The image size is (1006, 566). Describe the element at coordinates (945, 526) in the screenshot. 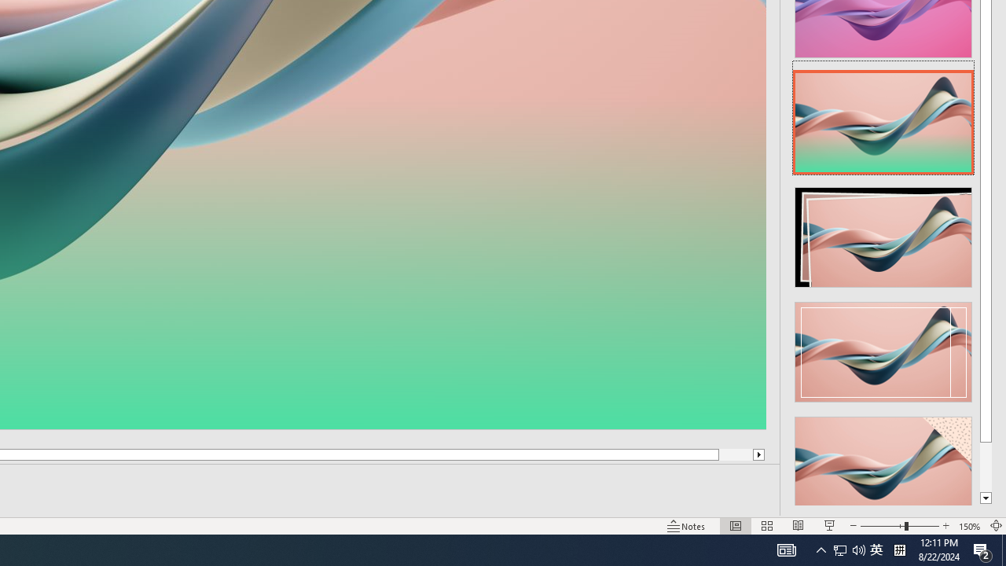

I see `'Zoom In'` at that location.